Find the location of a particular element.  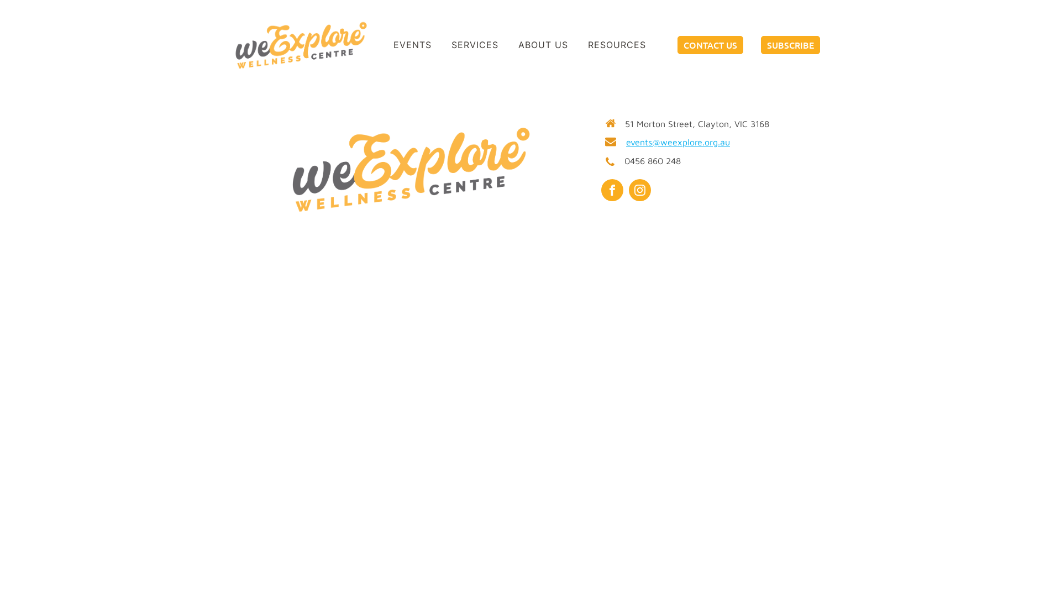

'ABOUT US' is located at coordinates (543, 44).